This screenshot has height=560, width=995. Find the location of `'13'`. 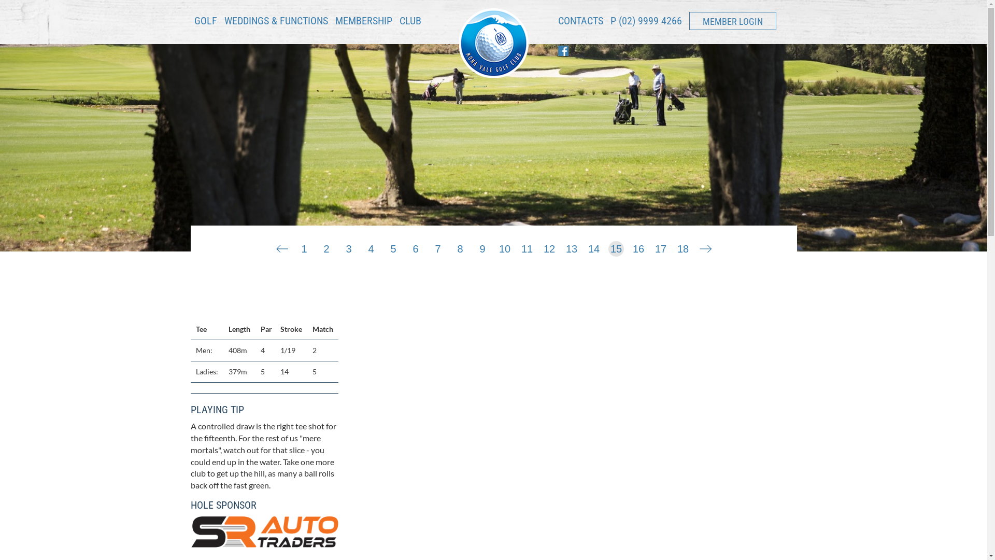

'13' is located at coordinates (571, 246).